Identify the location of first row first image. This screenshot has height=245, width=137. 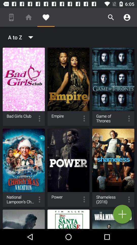
(24, 87).